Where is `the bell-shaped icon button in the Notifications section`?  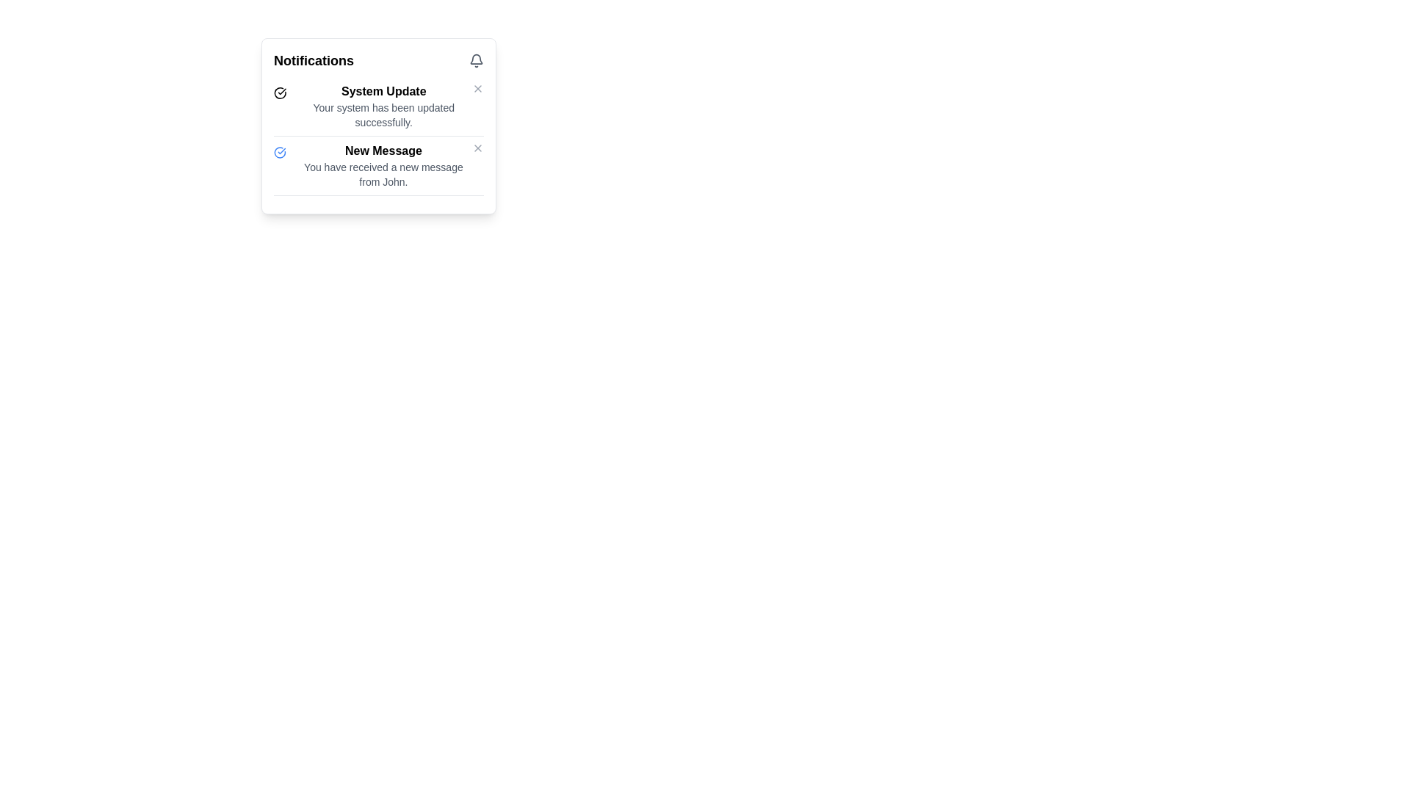
the bell-shaped icon button in the Notifications section is located at coordinates (476, 60).